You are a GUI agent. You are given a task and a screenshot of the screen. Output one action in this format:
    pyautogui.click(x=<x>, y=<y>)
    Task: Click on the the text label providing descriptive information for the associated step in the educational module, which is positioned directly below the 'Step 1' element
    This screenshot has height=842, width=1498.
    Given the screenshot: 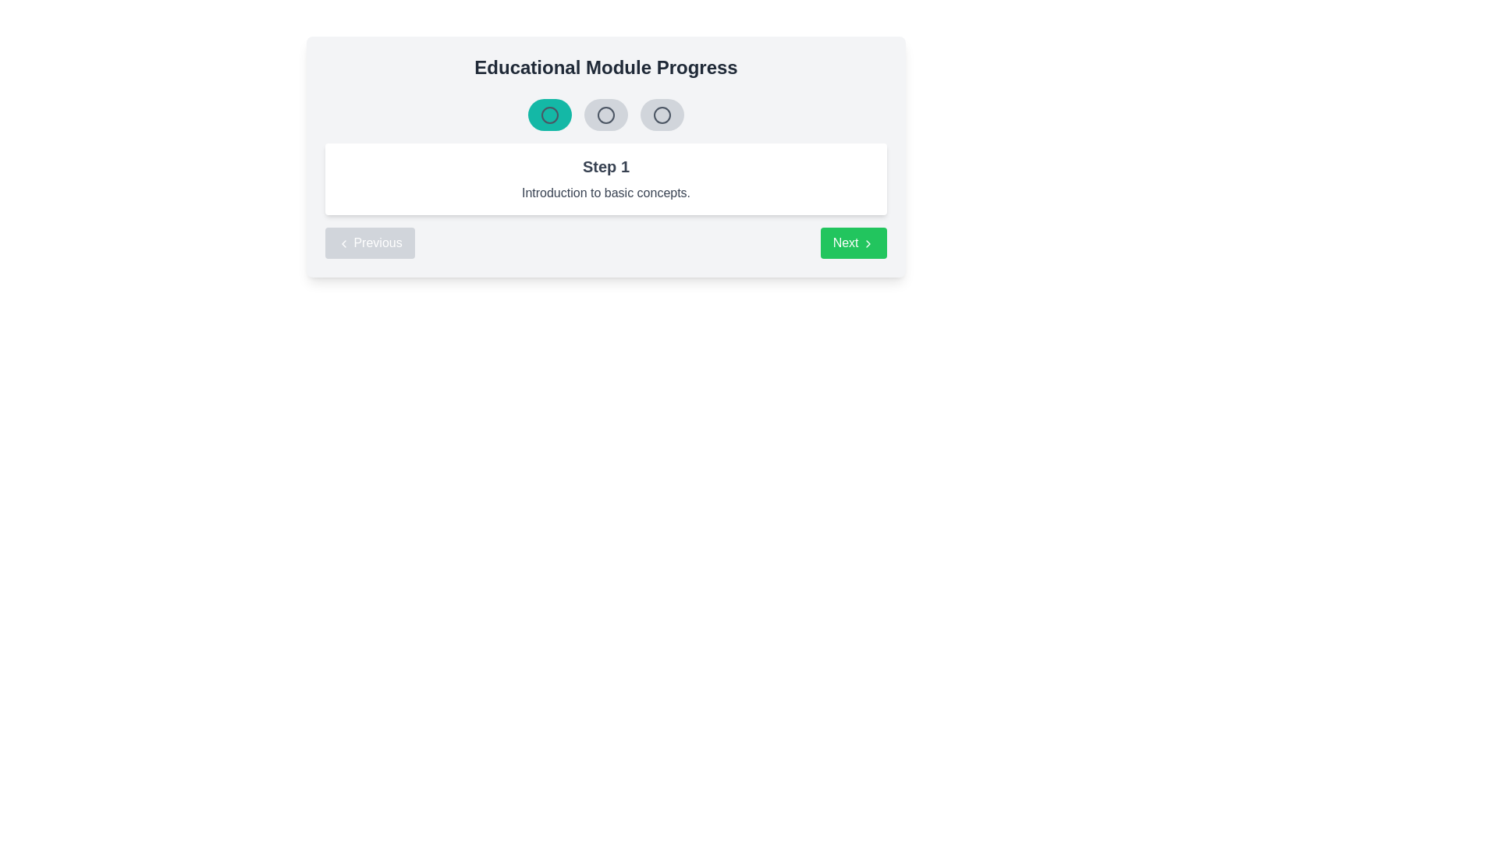 What is the action you would take?
    pyautogui.click(x=605, y=191)
    